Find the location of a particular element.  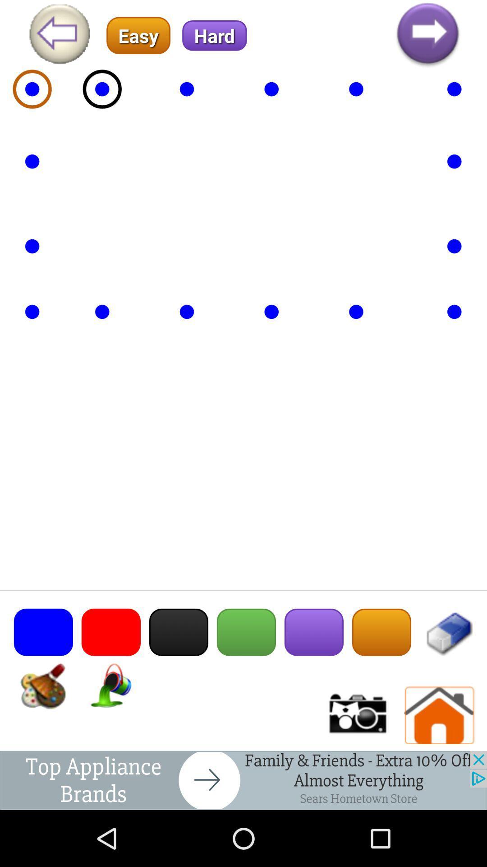

choose camera is located at coordinates (356, 715).